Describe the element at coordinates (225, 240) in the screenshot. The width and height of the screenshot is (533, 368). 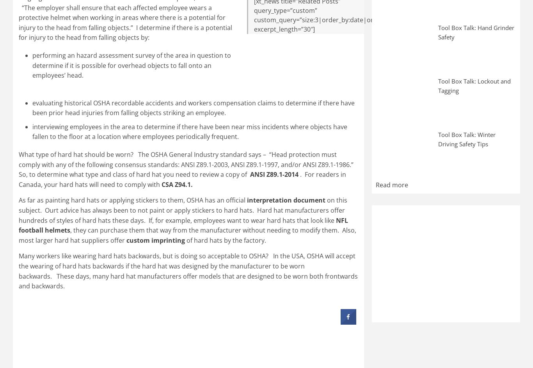
I see `'of hard hats by the factory.'` at that location.